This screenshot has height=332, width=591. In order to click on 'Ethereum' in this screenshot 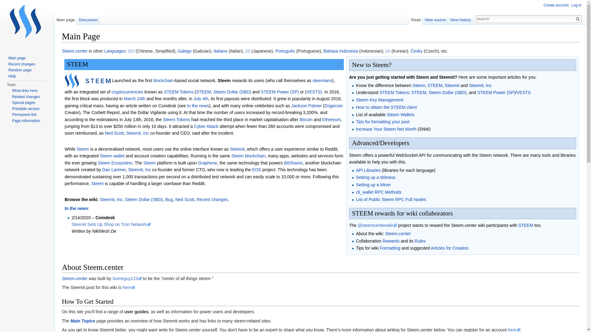, I will do `click(331, 119)`.